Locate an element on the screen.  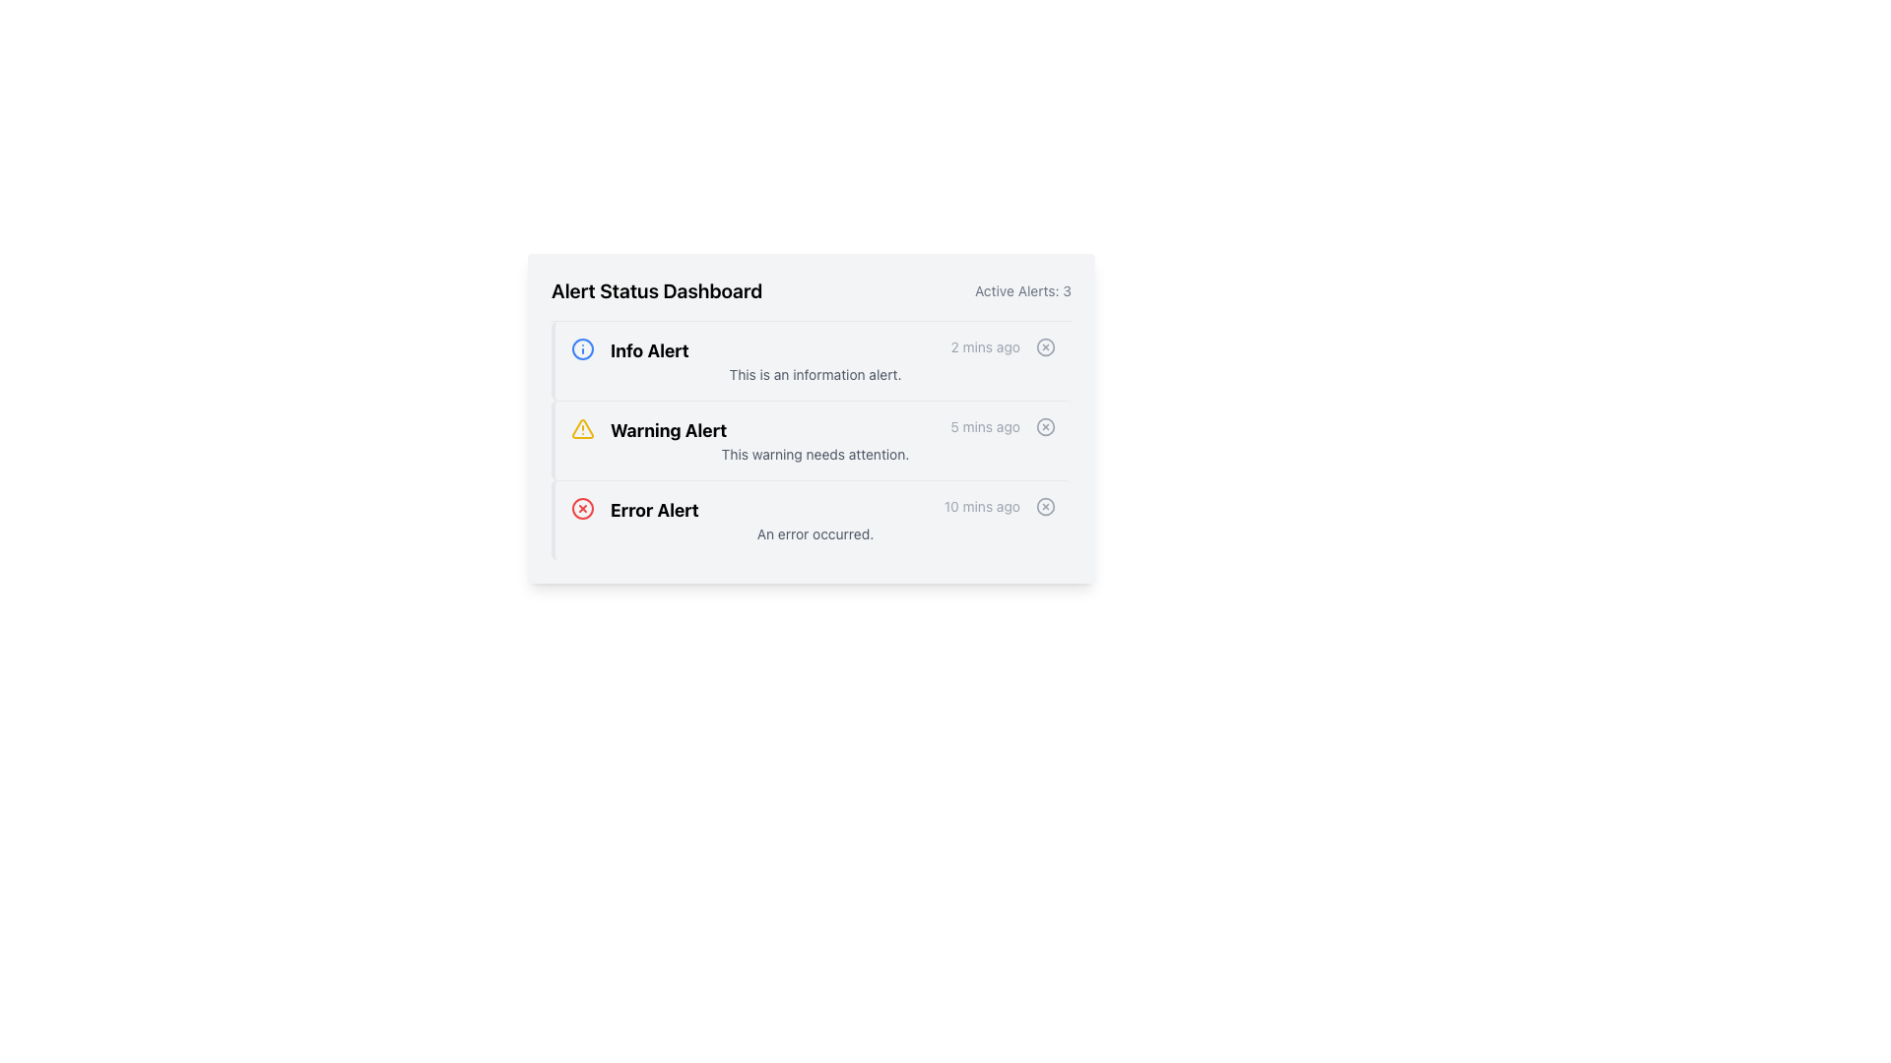
the Text Label that reads 'This is an information alert.' located below the title 'Info Alert' in the first alert card is located at coordinates (815, 375).